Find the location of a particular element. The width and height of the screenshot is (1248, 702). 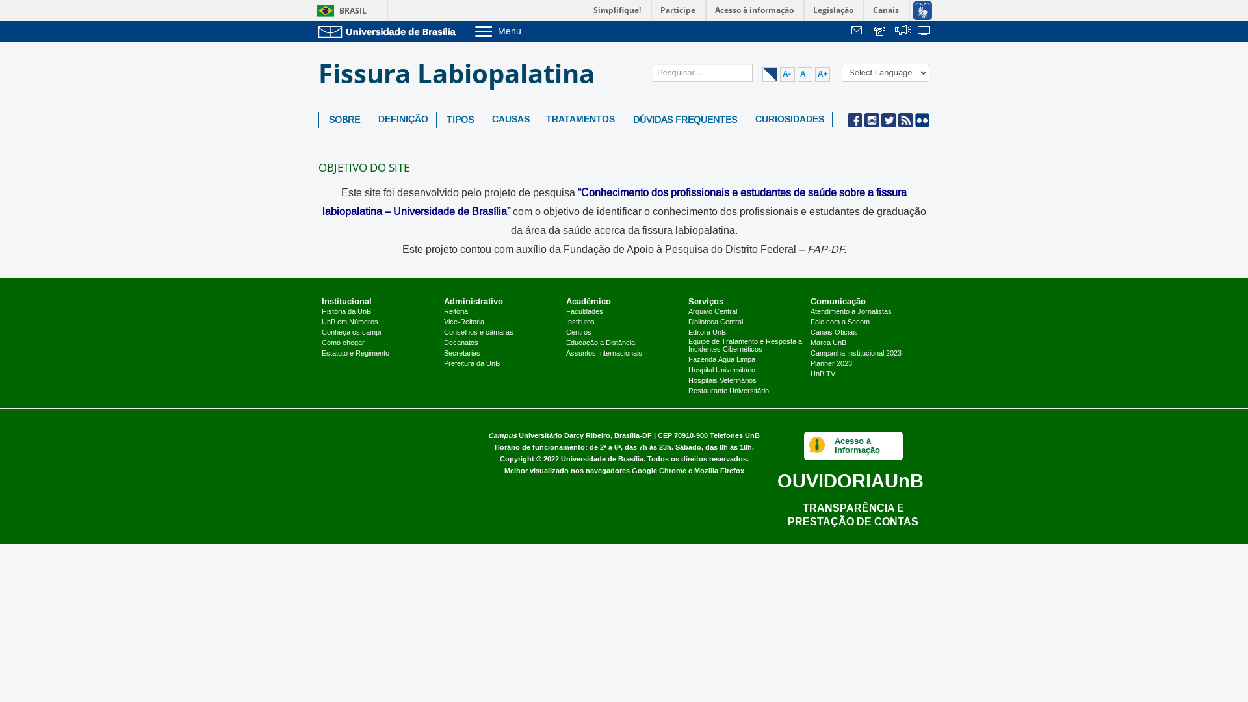

'Estatuto e Regimento' is located at coordinates (356, 353).